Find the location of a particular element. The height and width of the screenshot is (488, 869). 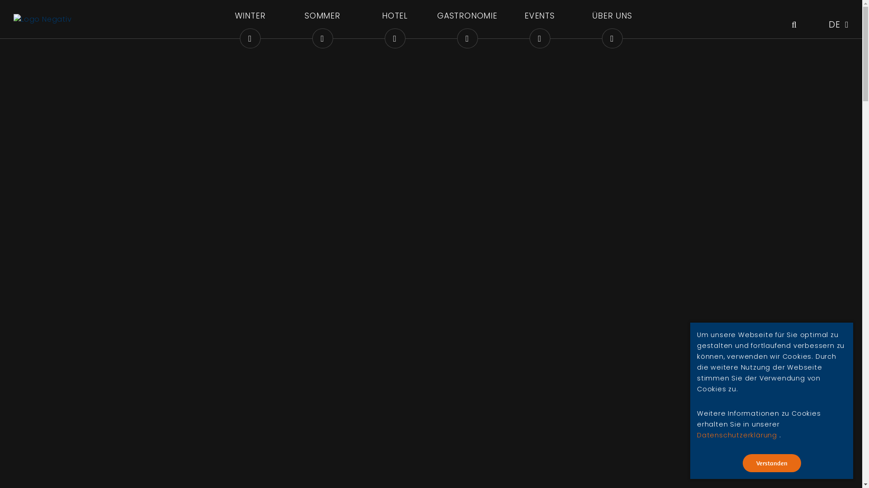

'HOTEL' is located at coordinates (395, 20).